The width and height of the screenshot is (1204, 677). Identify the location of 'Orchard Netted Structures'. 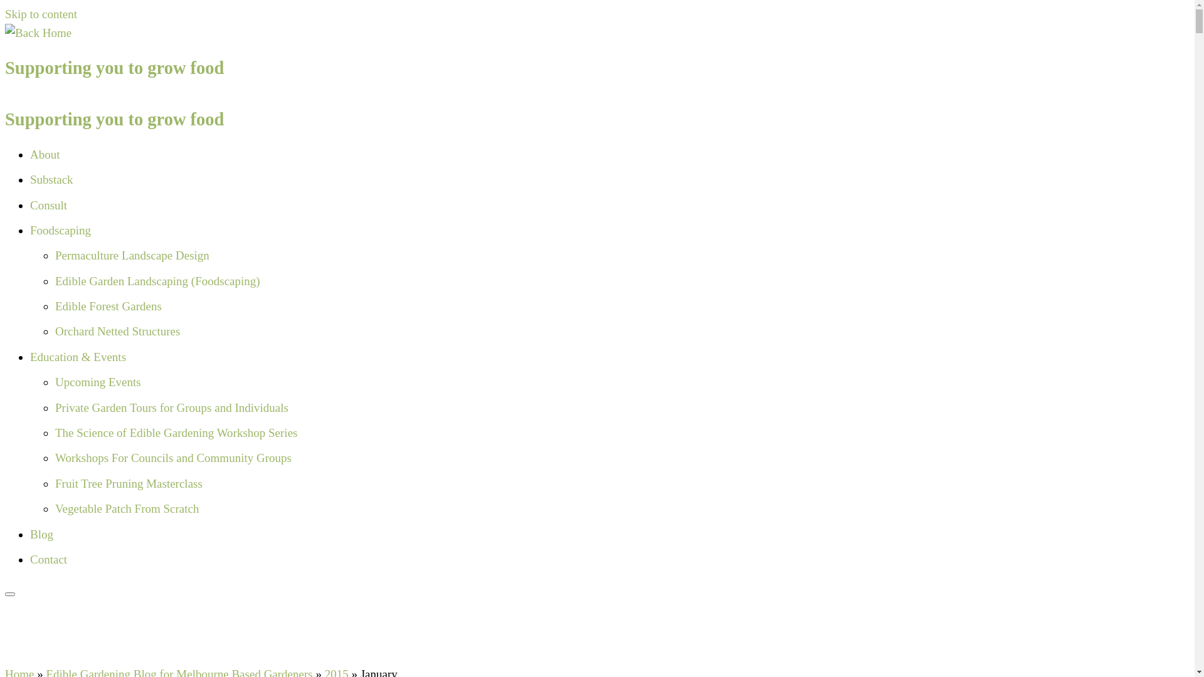
(54, 330).